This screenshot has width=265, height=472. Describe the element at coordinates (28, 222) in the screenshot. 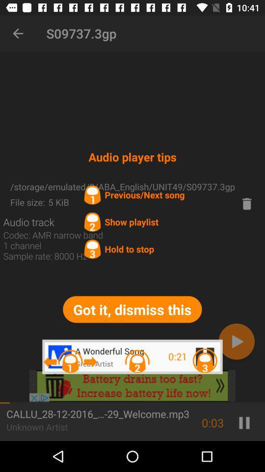

I see `the item below file size:` at that location.